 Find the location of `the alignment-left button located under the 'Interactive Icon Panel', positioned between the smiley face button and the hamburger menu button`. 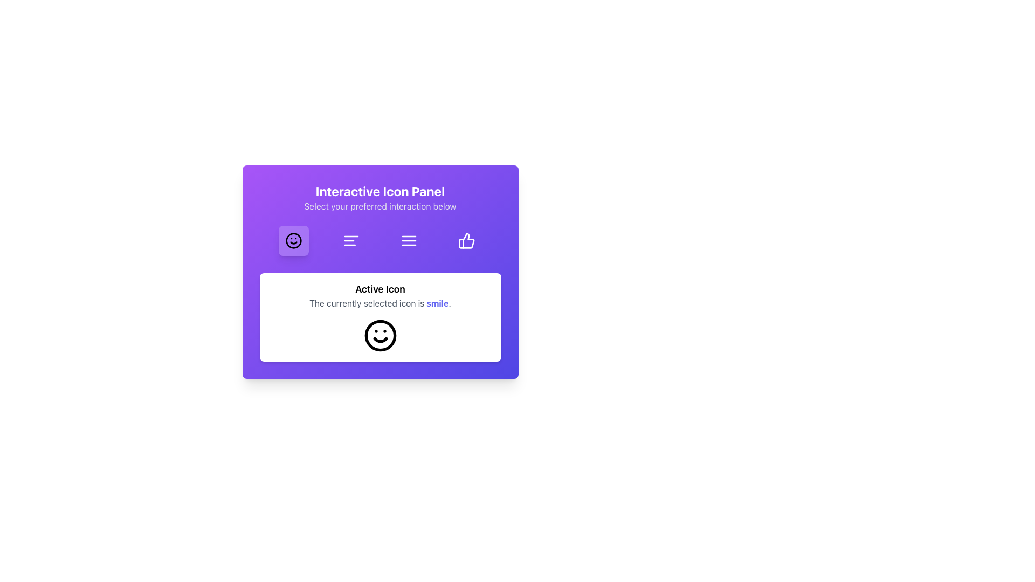

the alignment-left button located under the 'Interactive Icon Panel', positioned between the smiley face button and the hamburger menu button is located at coordinates (351, 240).